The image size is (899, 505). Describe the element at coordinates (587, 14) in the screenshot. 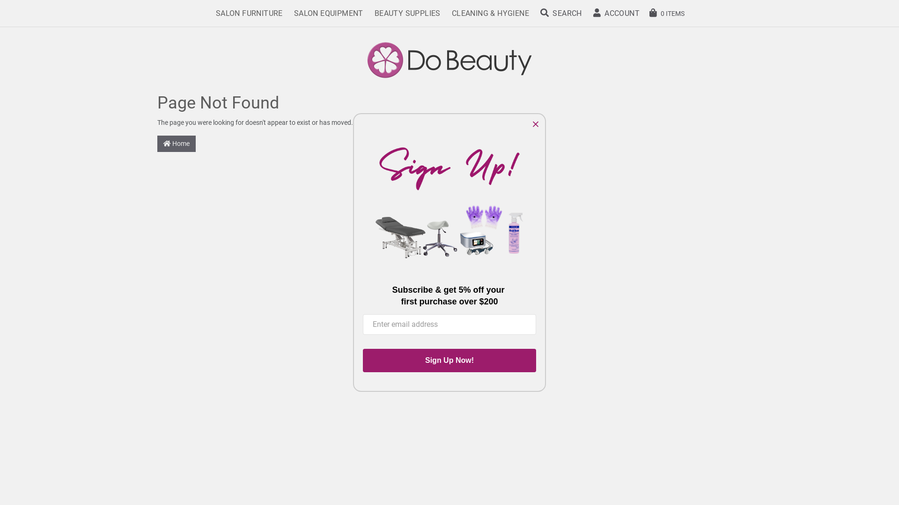

I see `'ACCOUNT'` at that location.